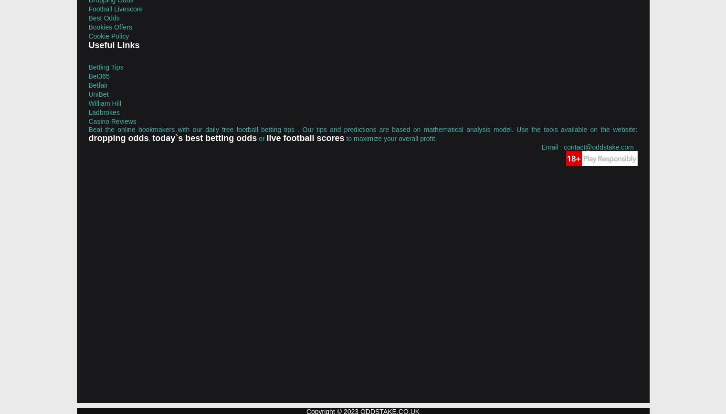  Describe the element at coordinates (261, 137) in the screenshot. I see `'or'` at that location.